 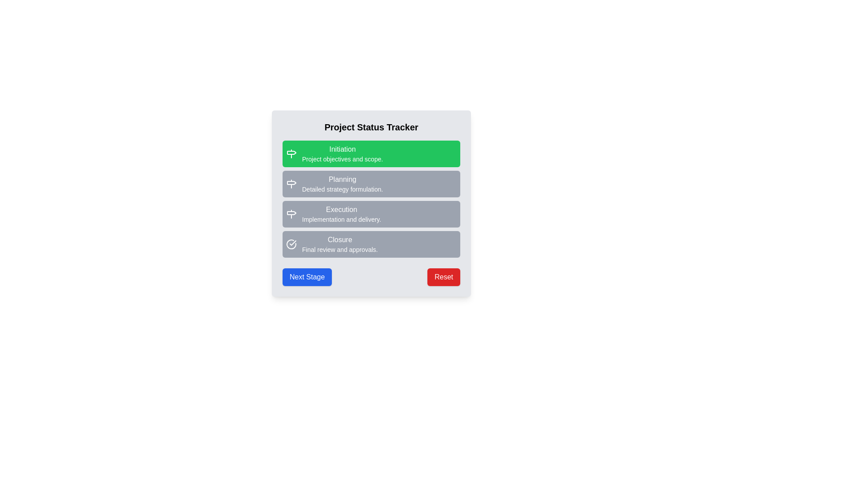 I want to click on the text label reading 'Final review and approvals.' which is located directly under the bold text 'Closure' within the closure stage section of the project status tracker, so click(x=339, y=250).